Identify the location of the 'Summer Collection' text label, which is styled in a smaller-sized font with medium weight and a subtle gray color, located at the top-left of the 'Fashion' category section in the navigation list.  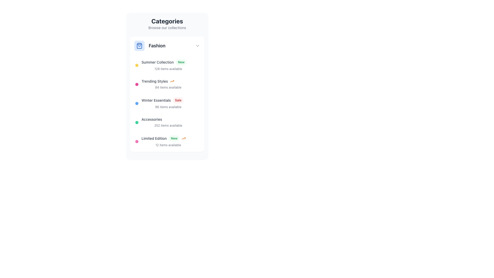
(157, 62).